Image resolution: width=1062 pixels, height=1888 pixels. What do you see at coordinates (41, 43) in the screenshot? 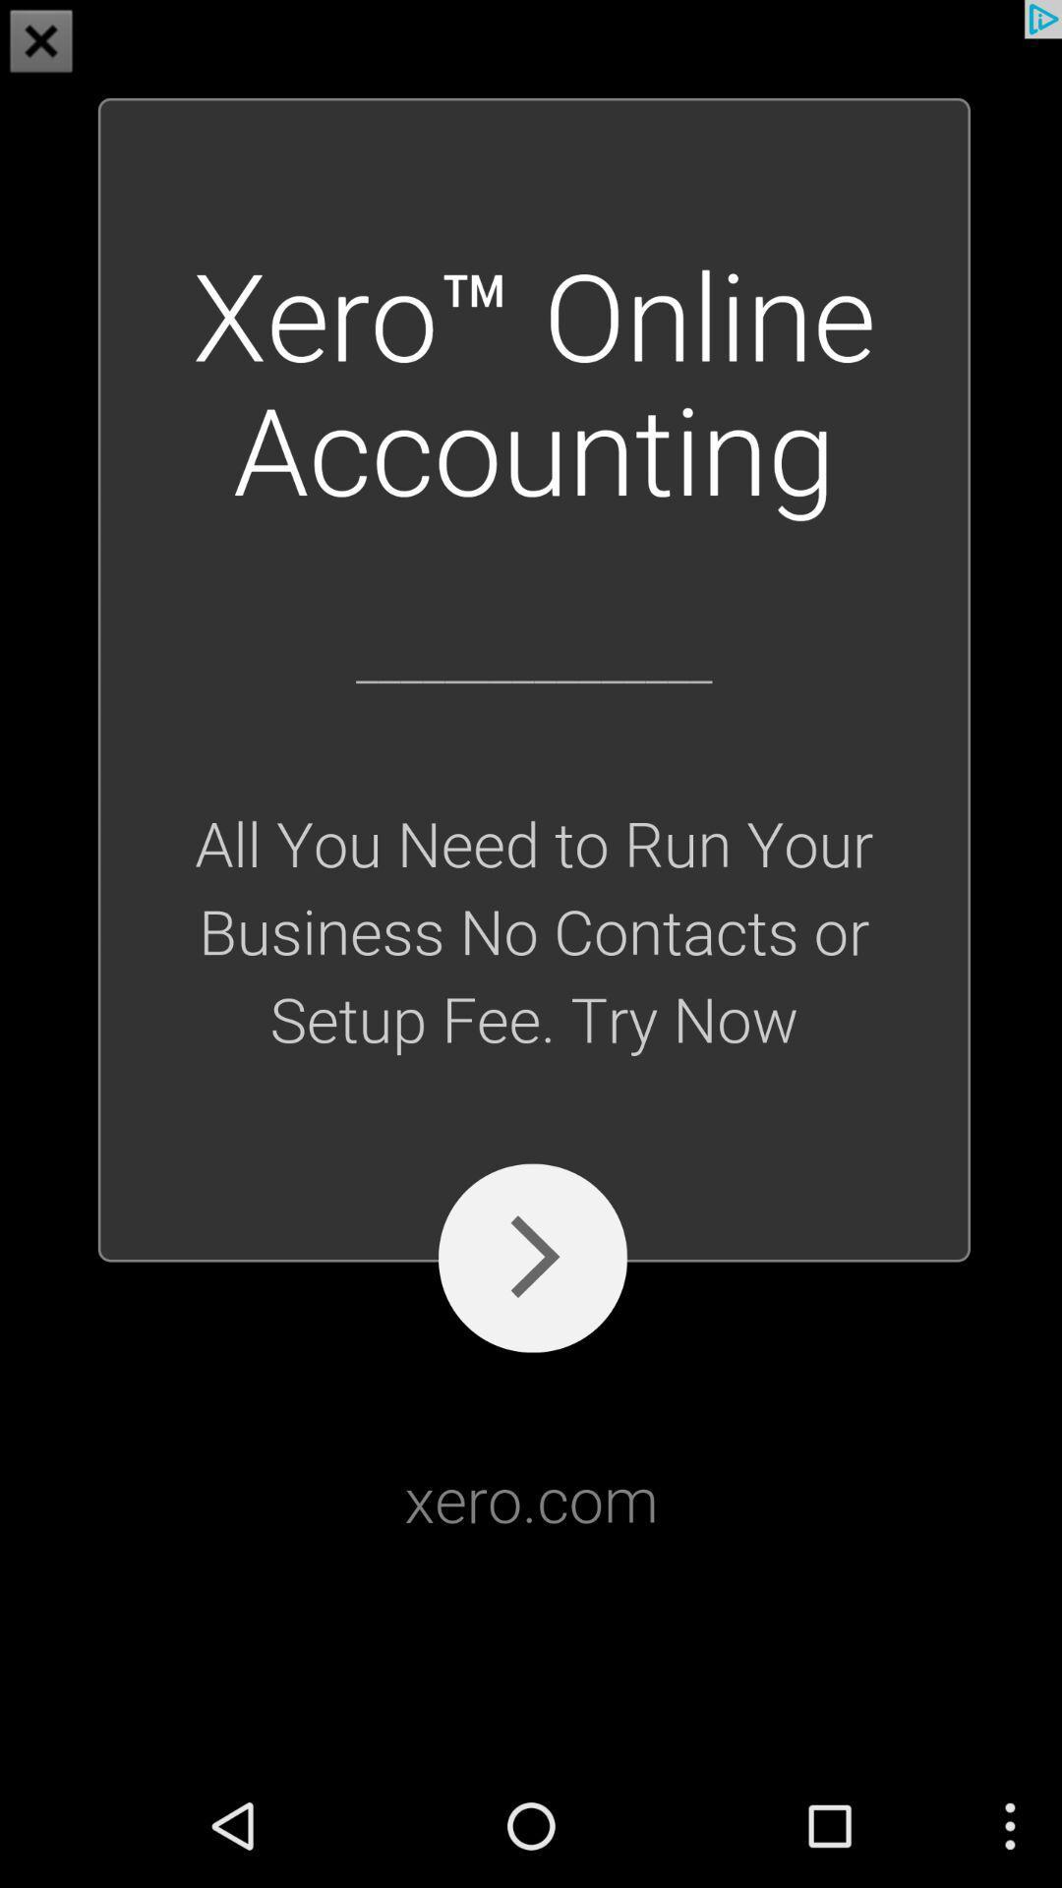
I see `the close icon` at bounding box center [41, 43].